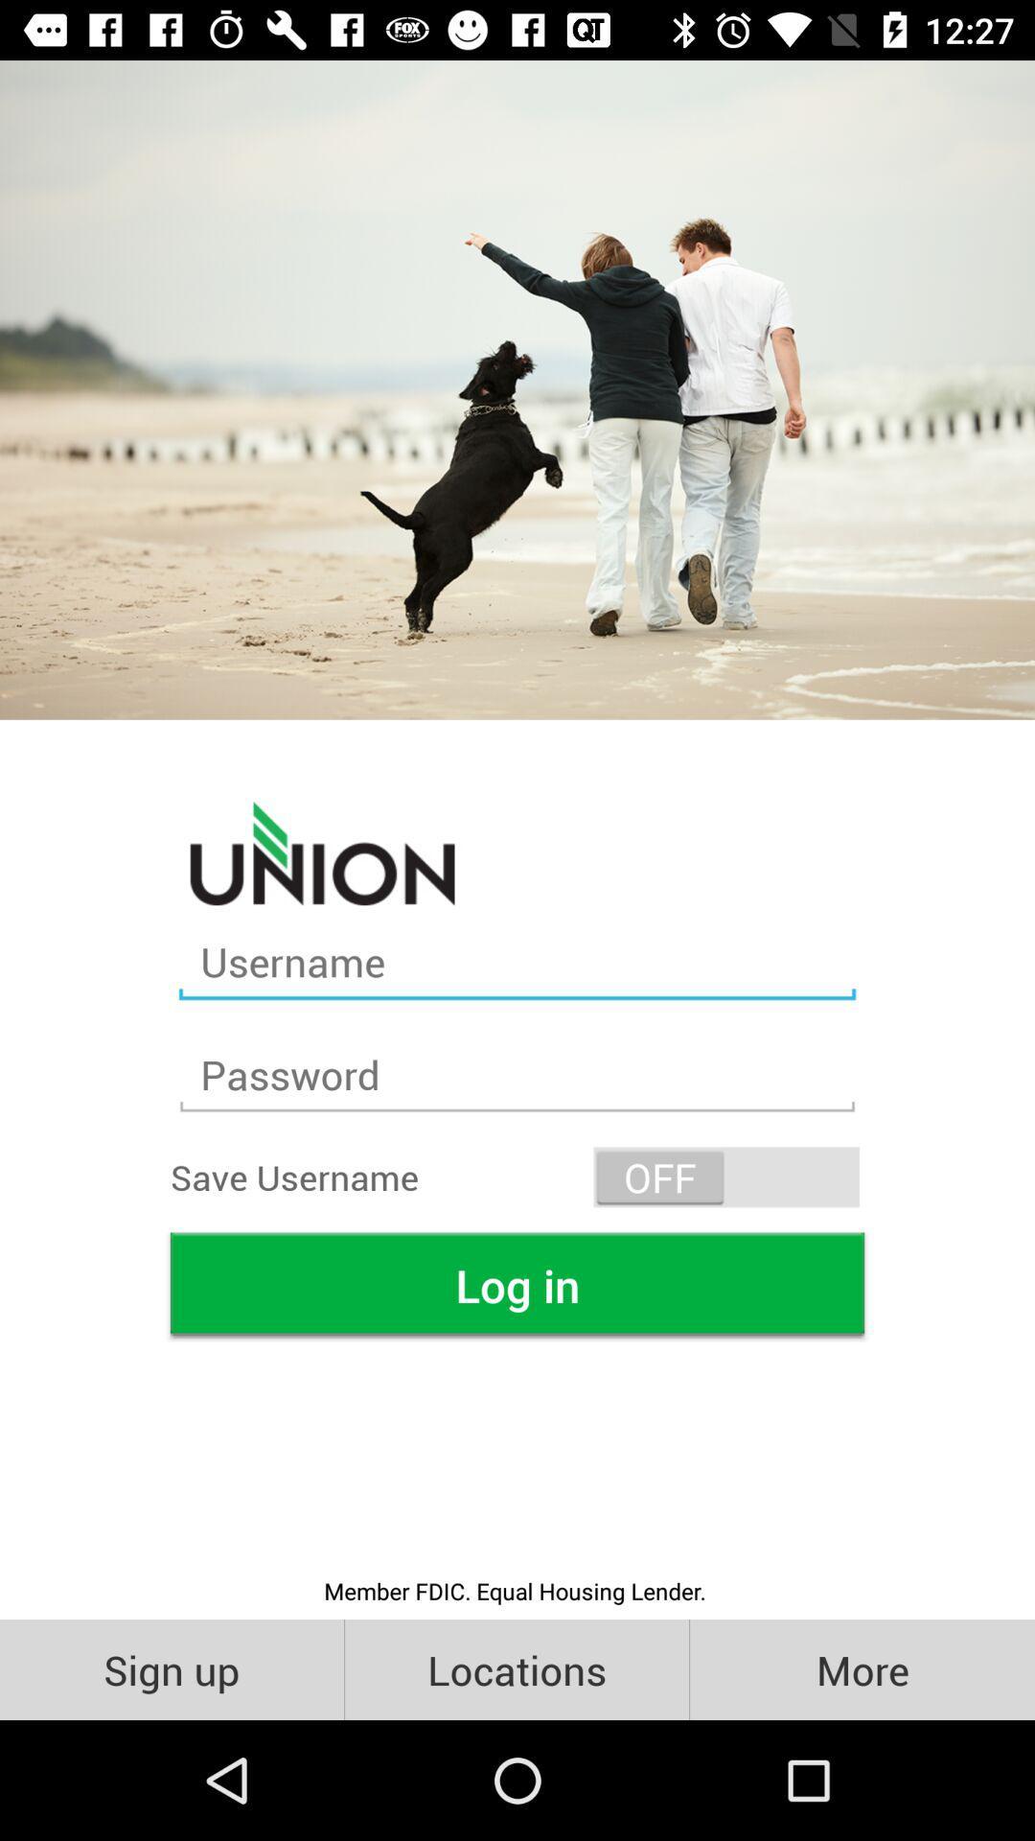 This screenshot has width=1035, height=1841. Describe the element at coordinates (517, 1075) in the screenshot. I see `password` at that location.